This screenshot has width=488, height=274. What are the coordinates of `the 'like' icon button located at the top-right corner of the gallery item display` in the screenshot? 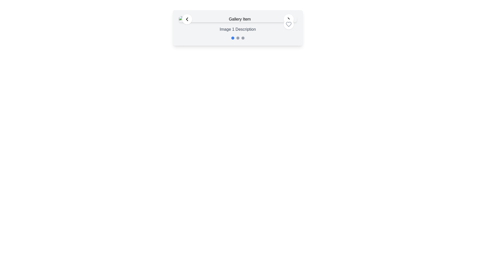 It's located at (288, 24).